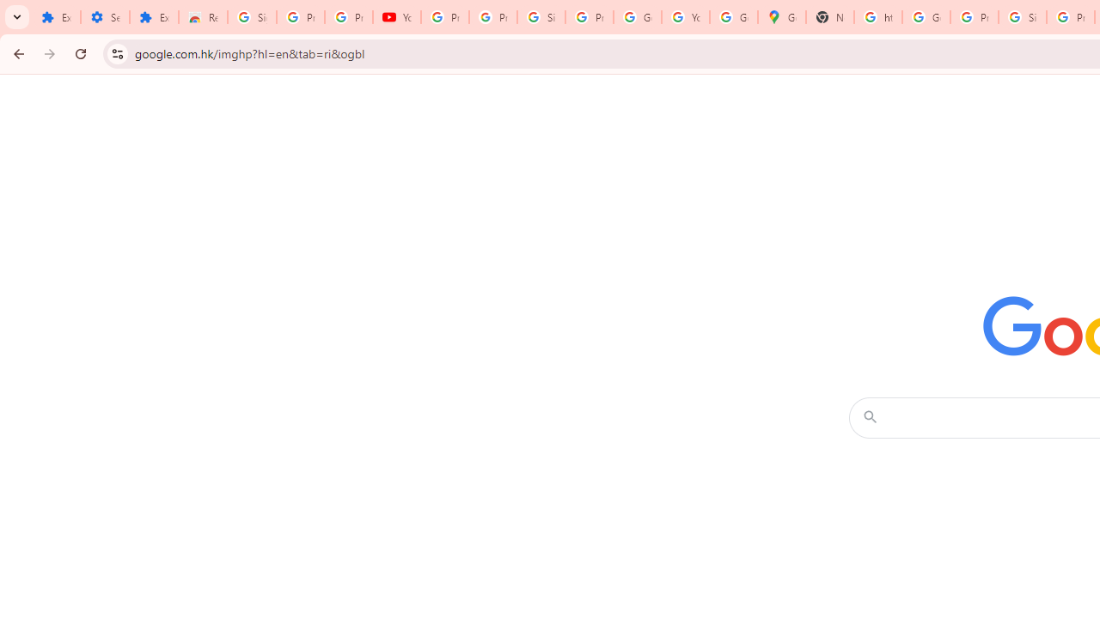 This screenshot has height=618, width=1100. What do you see at coordinates (56, 17) in the screenshot?
I see `'Extensions'` at bounding box center [56, 17].